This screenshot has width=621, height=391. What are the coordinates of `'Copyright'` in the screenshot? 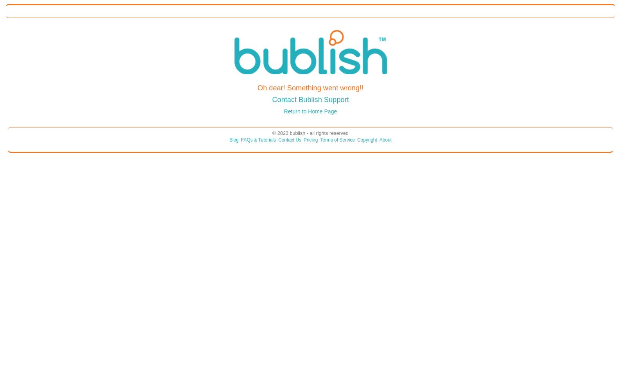 It's located at (367, 140).